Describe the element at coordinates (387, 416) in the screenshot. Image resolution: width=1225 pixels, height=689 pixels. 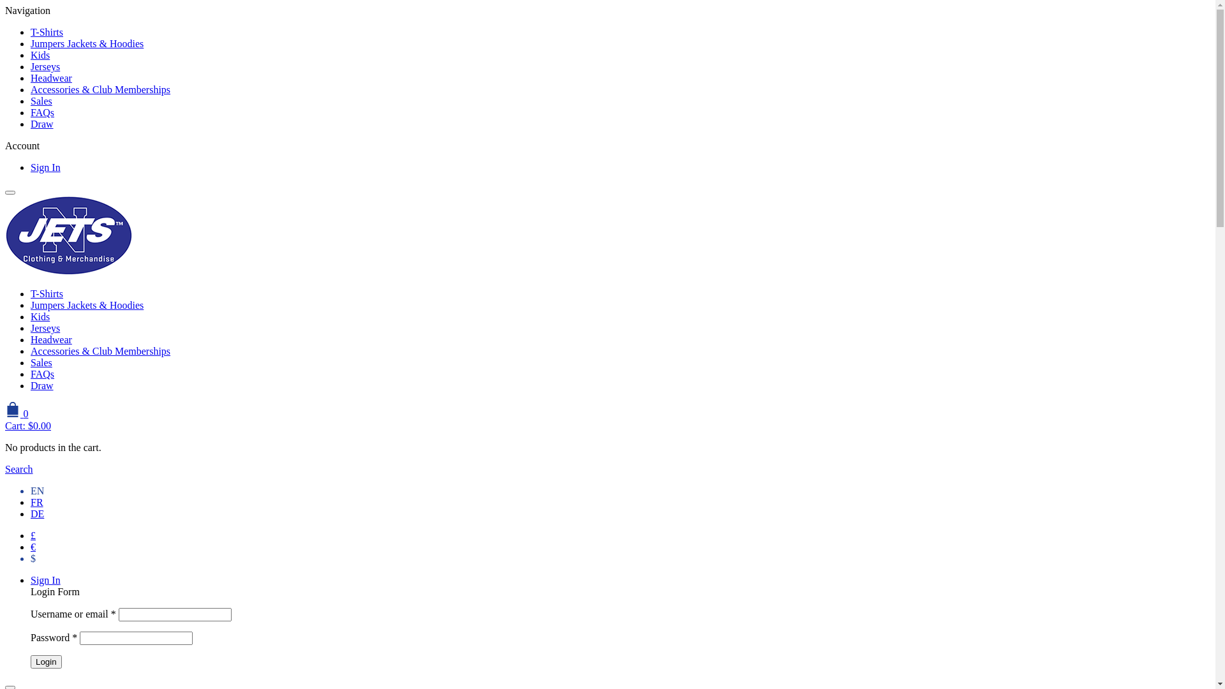
I see `'0` at that location.